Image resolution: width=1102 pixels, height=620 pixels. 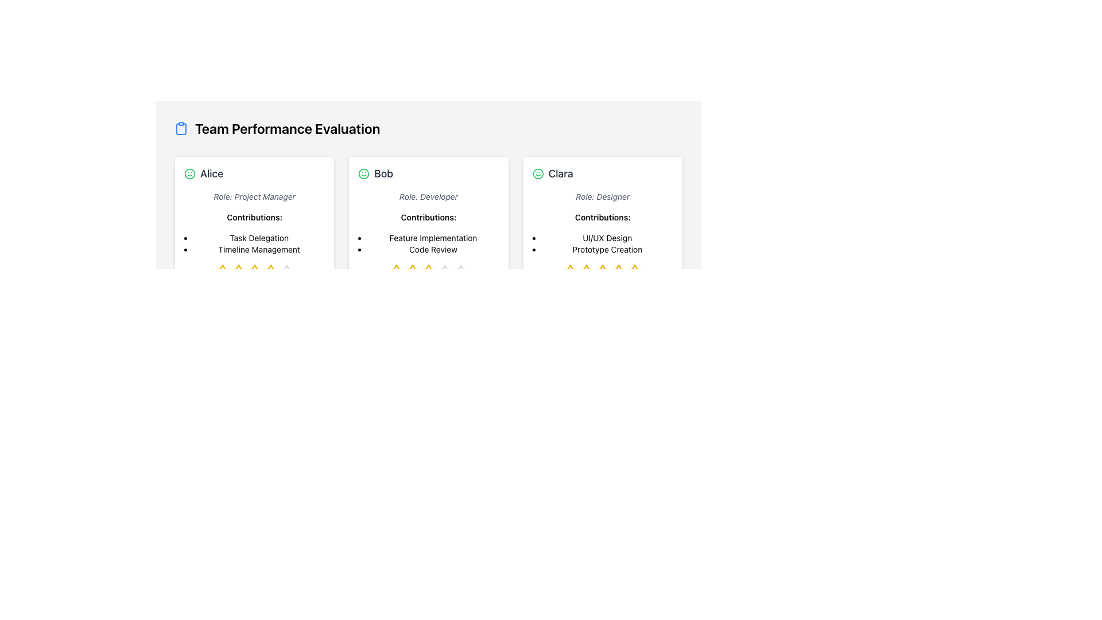 What do you see at coordinates (238, 271) in the screenshot?
I see `the second star from the left in the rating star component associated with the 'Alice' user card` at bounding box center [238, 271].